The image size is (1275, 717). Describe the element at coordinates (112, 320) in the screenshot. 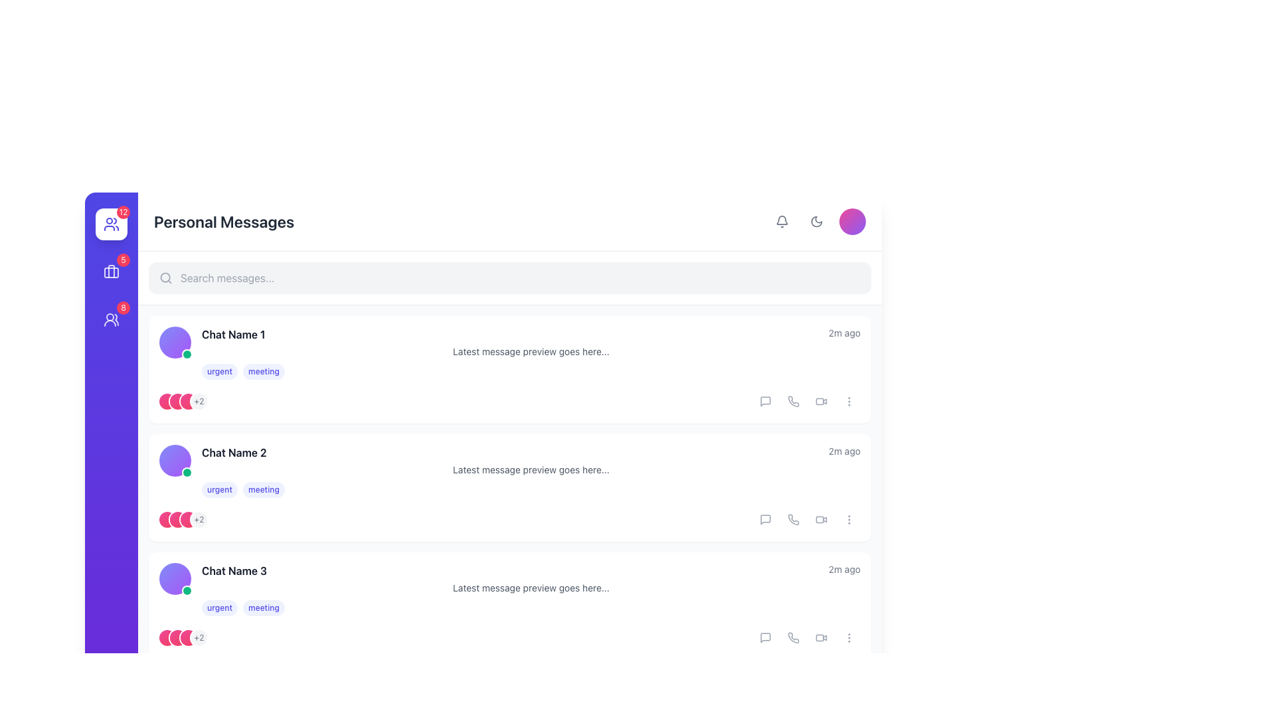

I see `the user groups icon in the third position of the vertical stack in the purple sidebar navigation menu` at that location.